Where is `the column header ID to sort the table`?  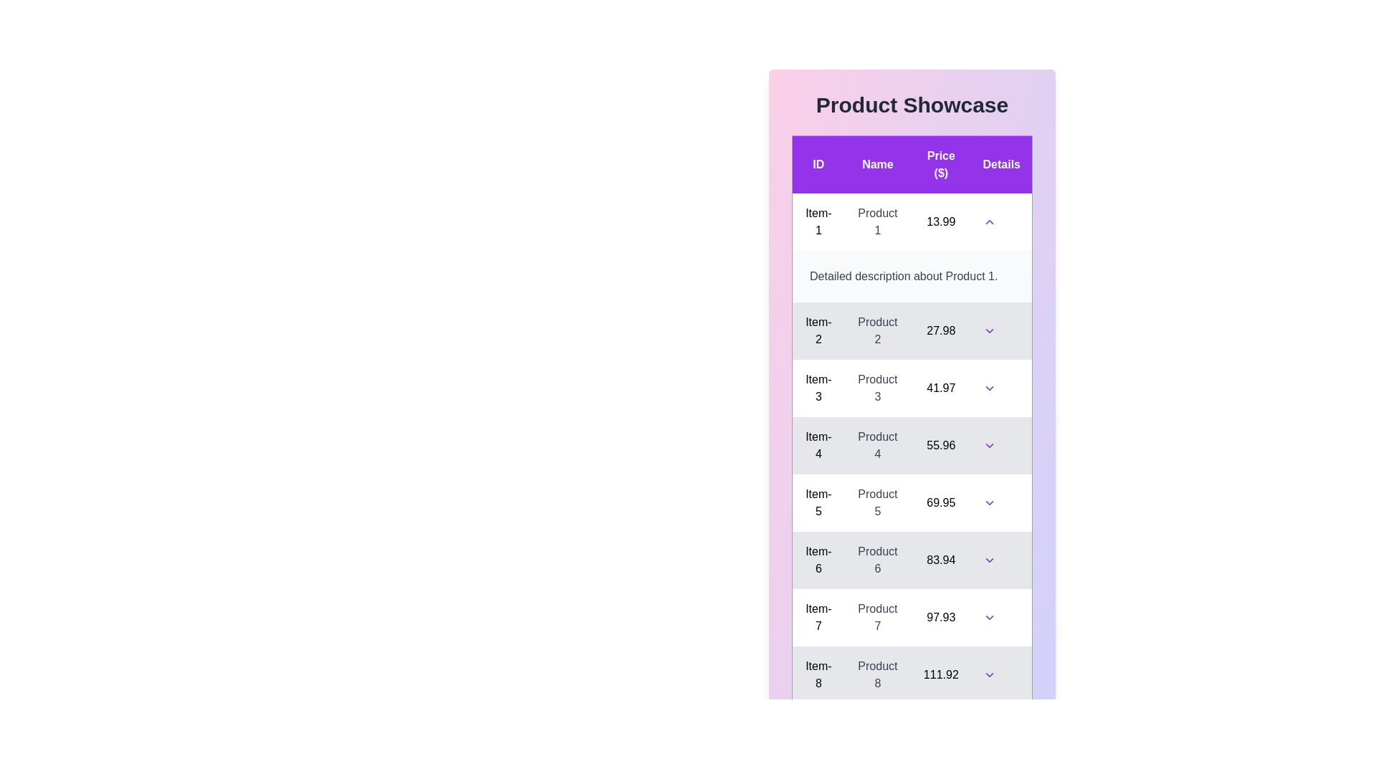
the column header ID to sort the table is located at coordinates (818, 163).